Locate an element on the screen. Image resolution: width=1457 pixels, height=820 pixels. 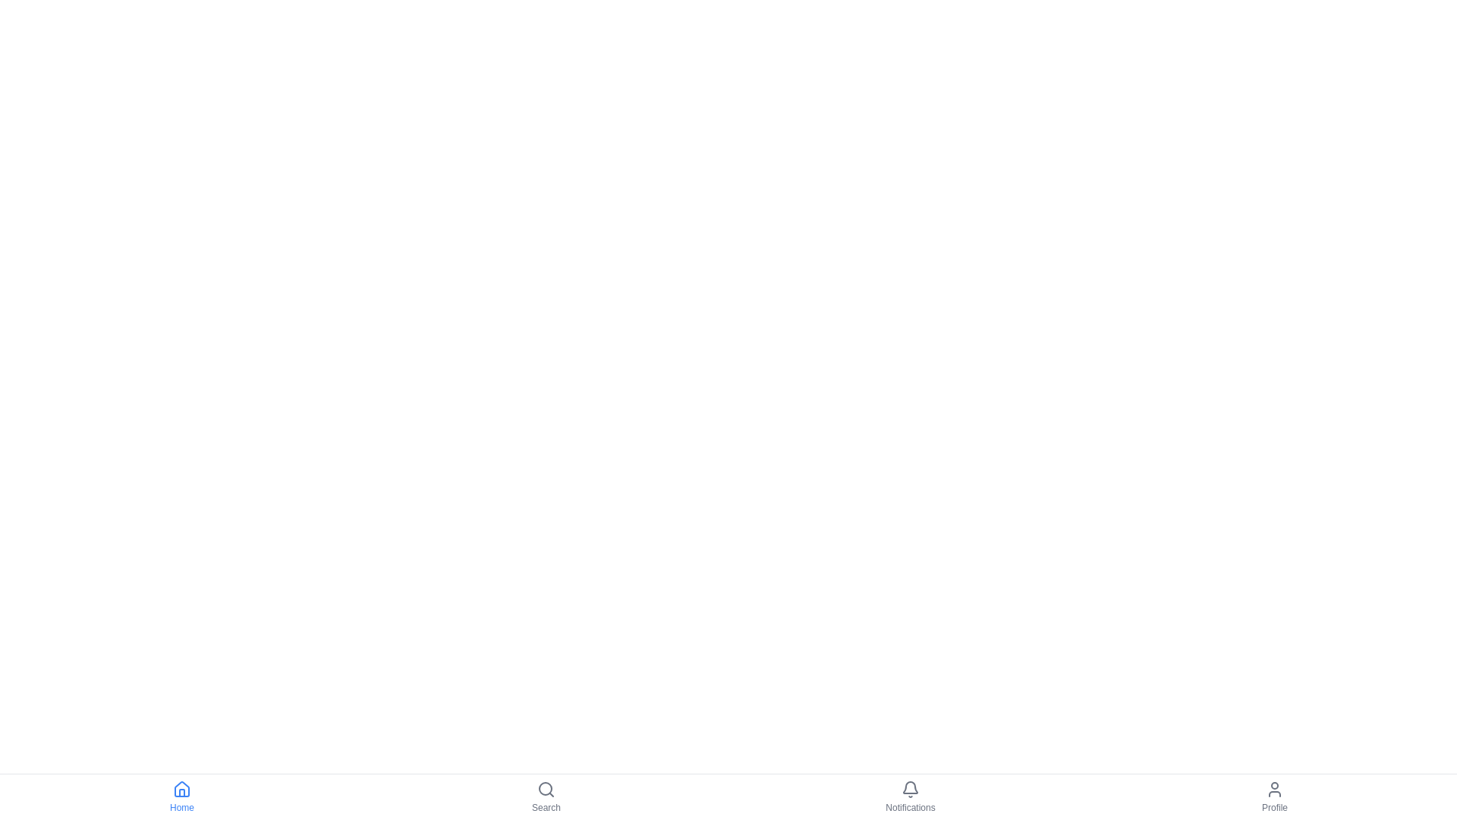
the navigation item labeled Notifications is located at coordinates (911, 796).